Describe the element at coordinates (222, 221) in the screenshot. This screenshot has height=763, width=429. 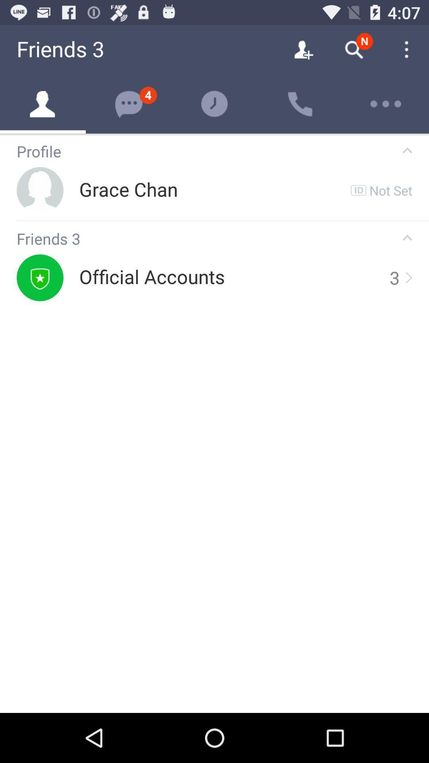
I see `the app above friends 3 icon` at that location.